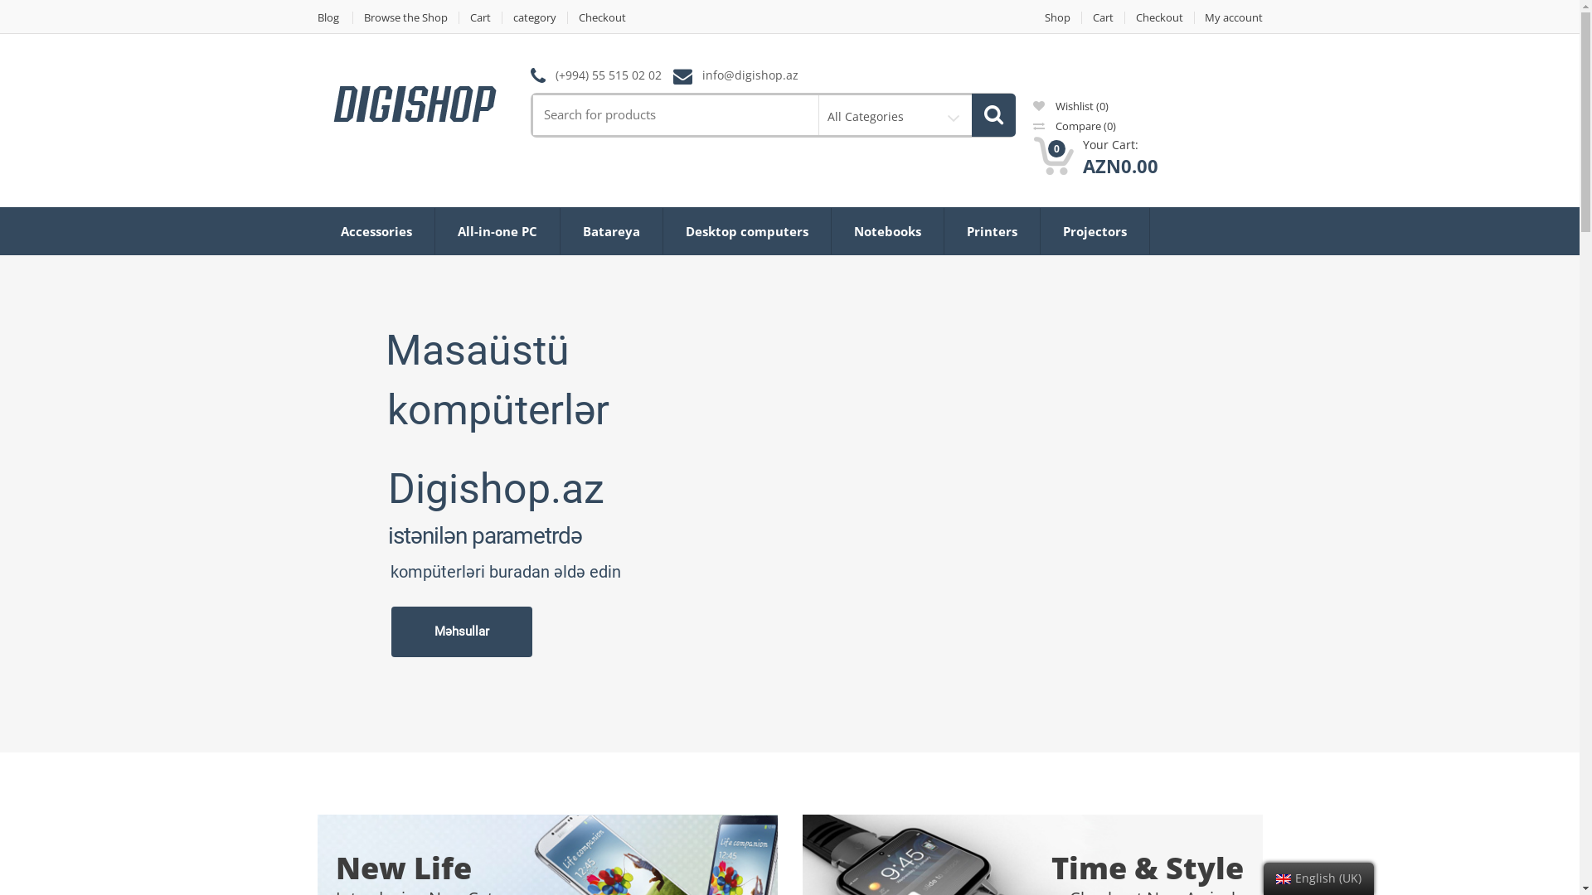 This screenshot has width=1592, height=895. What do you see at coordinates (1070, 105) in the screenshot?
I see `'Wishlist (0)'` at bounding box center [1070, 105].